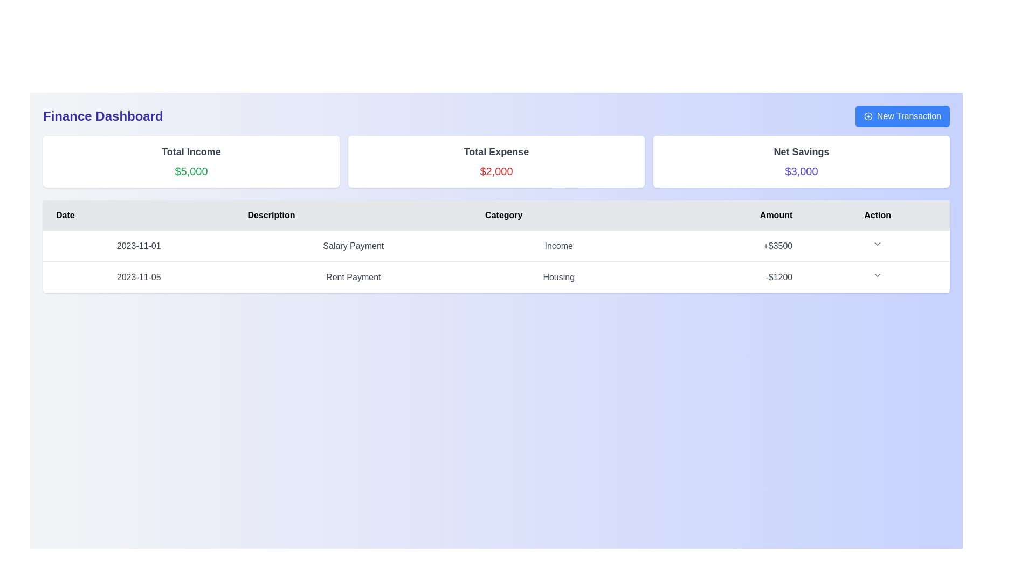  Describe the element at coordinates (558, 276) in the screenshot. I see `text content of the label displaying 'Housing' which is located in the third column of the row labeled '2023-11-05 Rent Payment -$1200'` at that location.